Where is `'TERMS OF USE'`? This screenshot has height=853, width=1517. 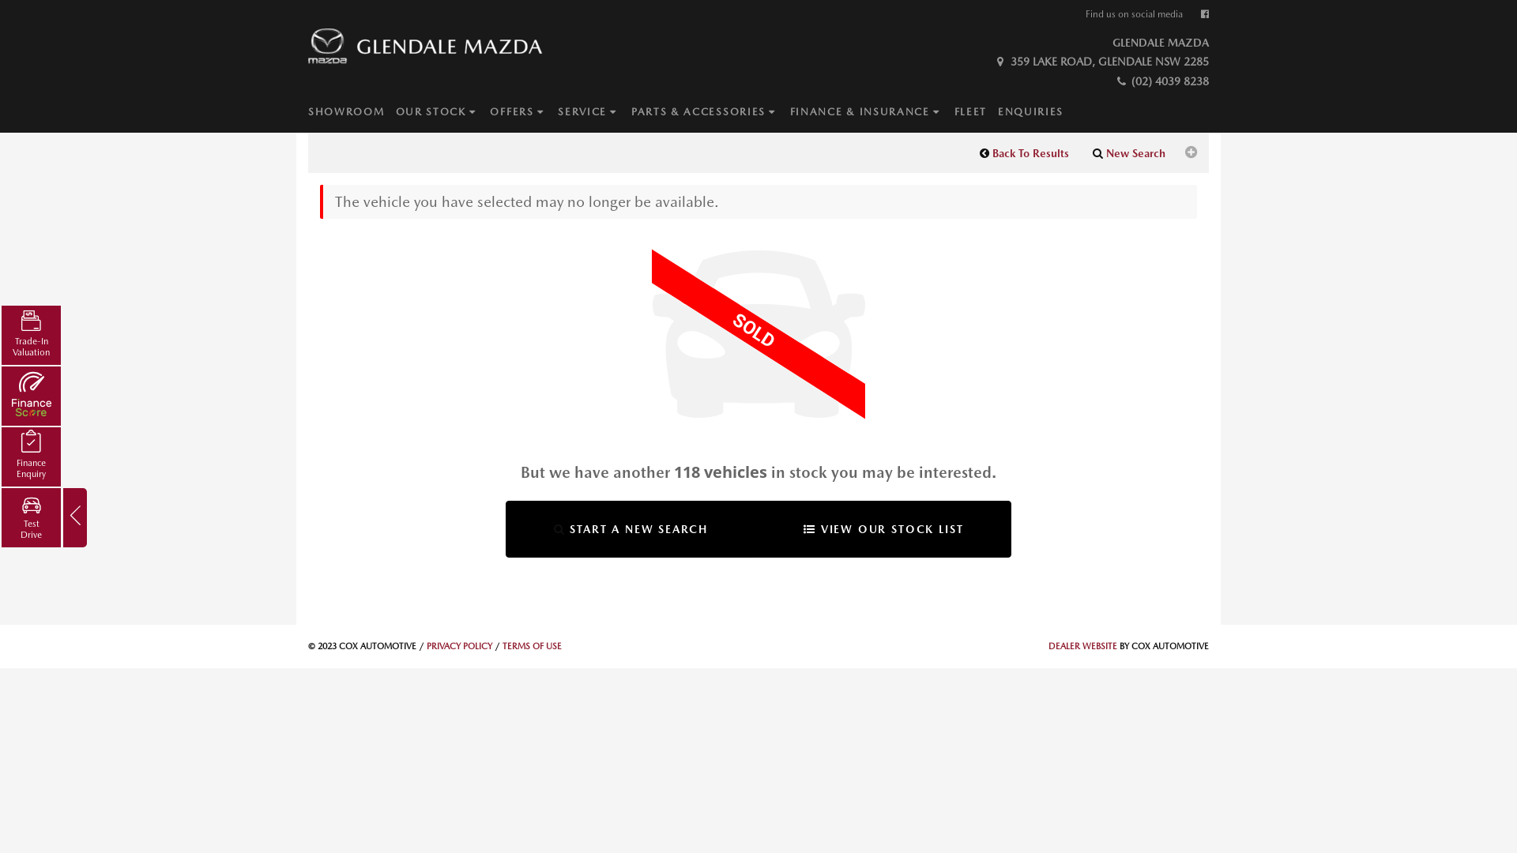
'TERMS OF USE' is located at coordinates (532, 646).